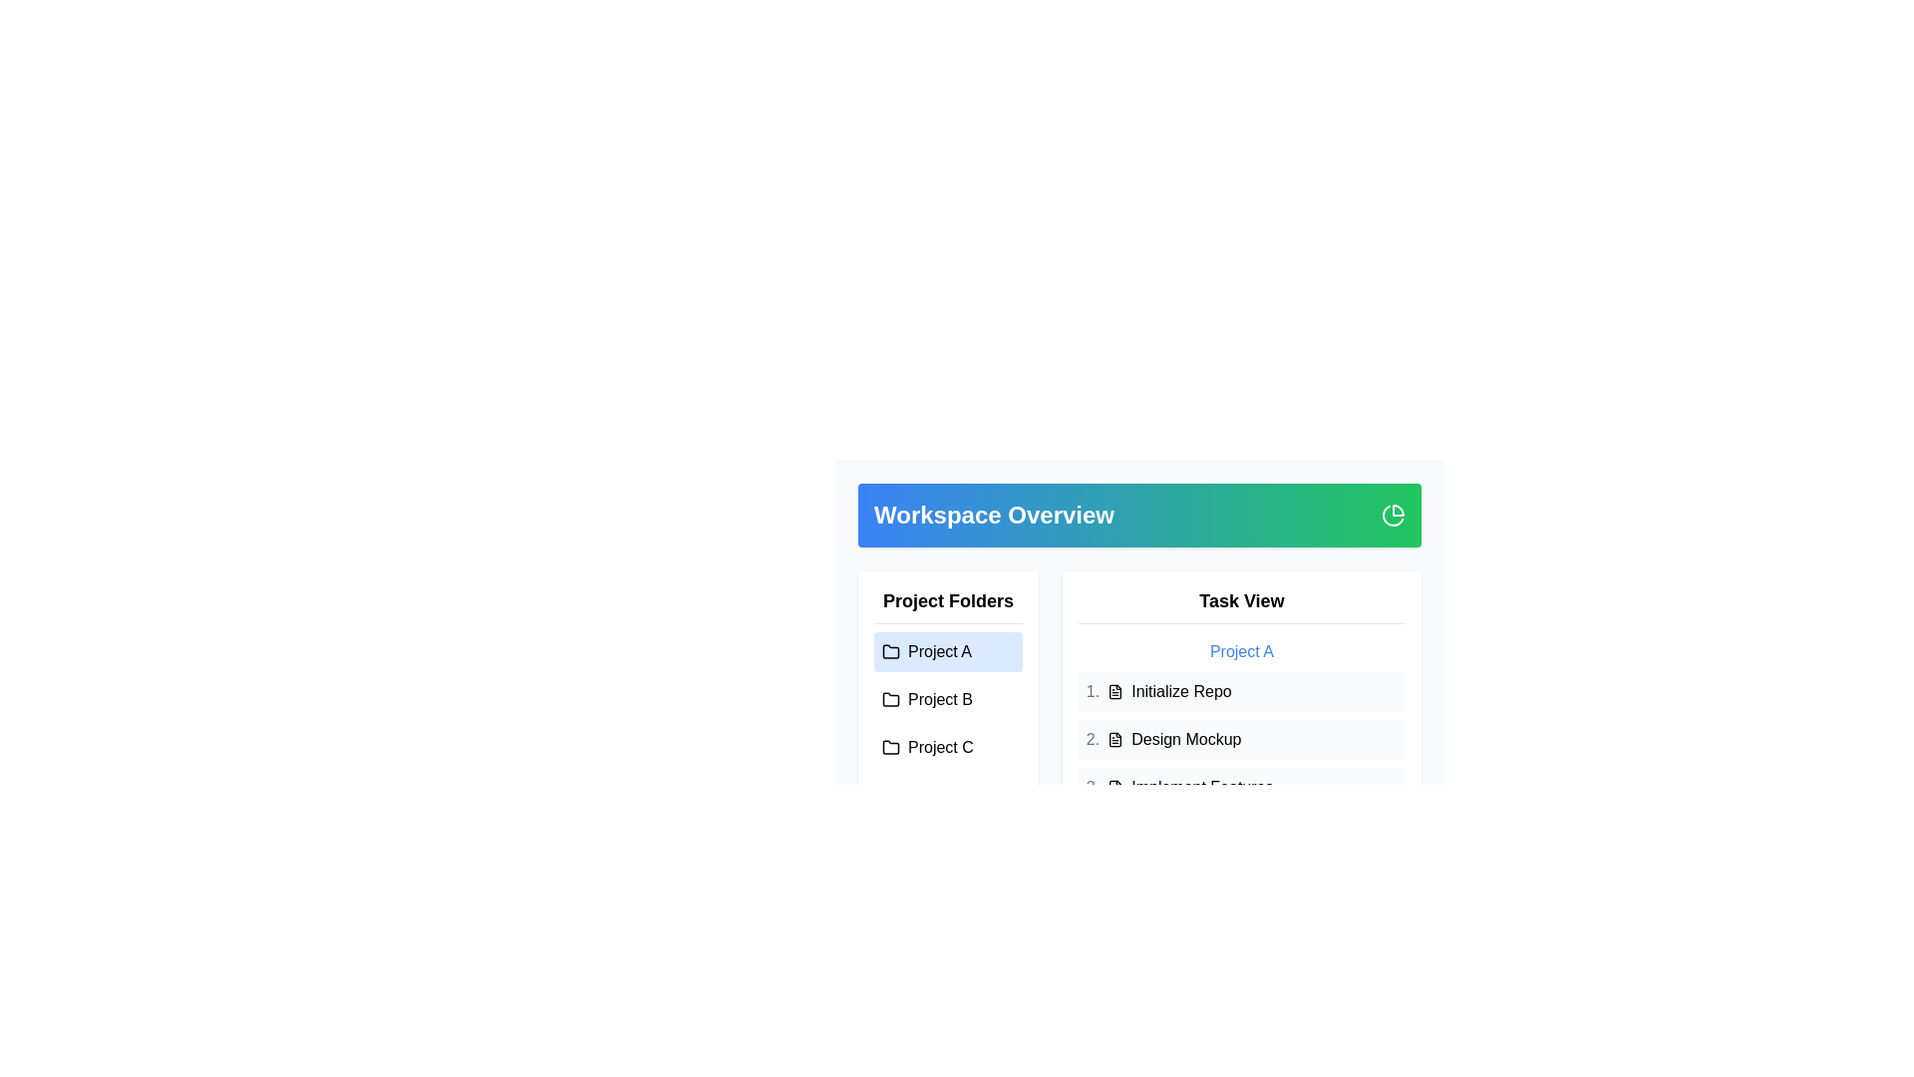  What do you see at coordinates (1092, 787) in the screenshot?
I see `the gray-colored number '3.' text label located at the beginning of the third row item in the 'Task View' section of the workspace dashboard` at bounding box center [1092, 787].